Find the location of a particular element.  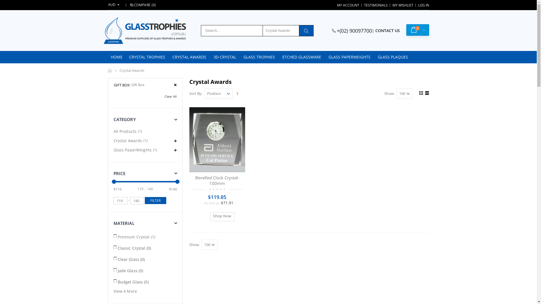

'CONTACT US' is located at coordinates (387, 30).